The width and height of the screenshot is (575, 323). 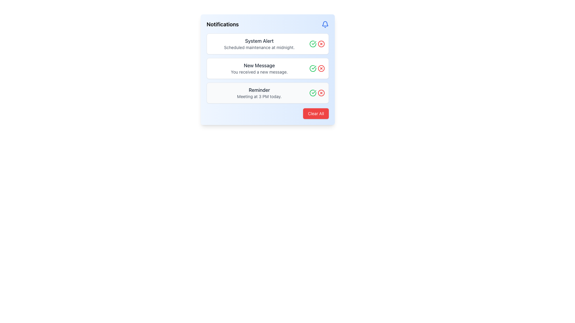 What do you see at coordinates (259, 65) in the screenshot?
I see `the static text element that serves as the header or title for a notification, positioned directly above the message 'You received a new message.'` at bounding box center [259, 65].